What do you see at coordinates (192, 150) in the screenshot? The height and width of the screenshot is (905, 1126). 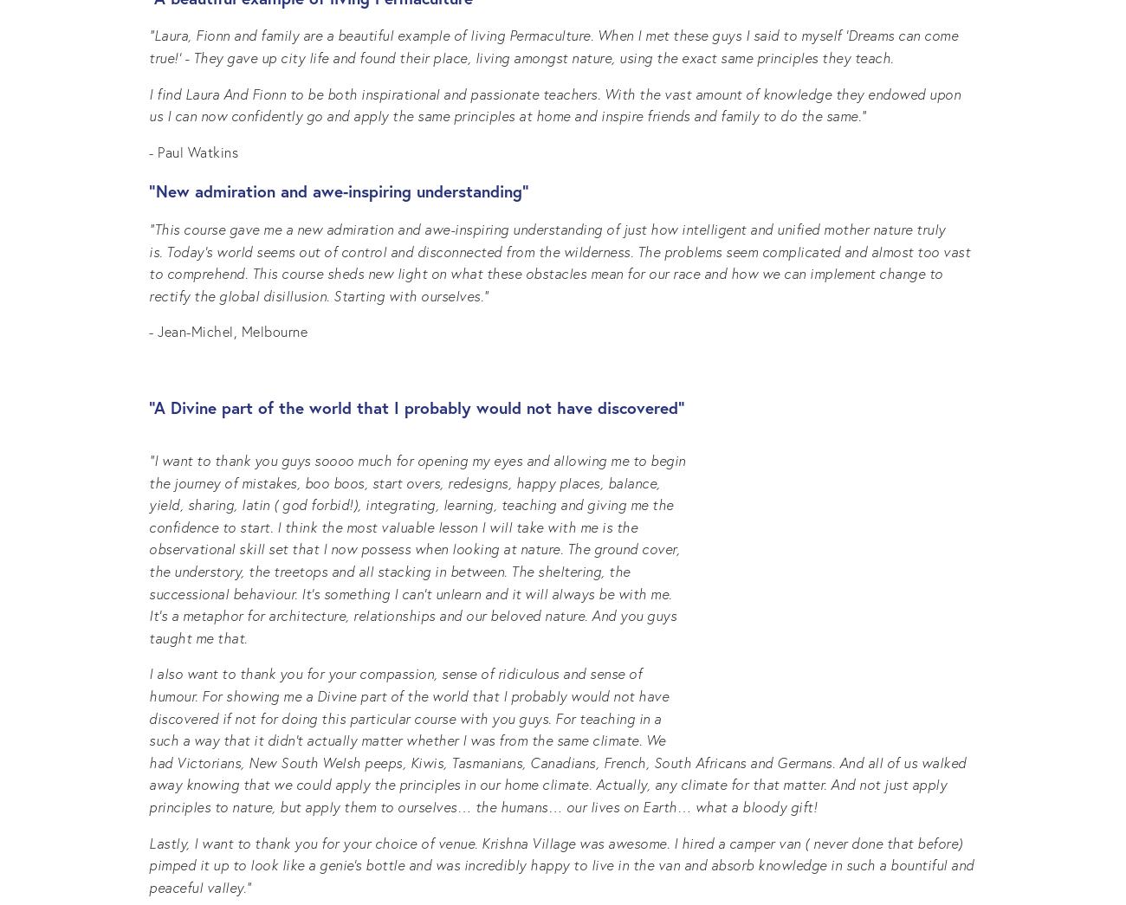 I see `'- Paul Watkins'` at bounding box center [192, 150].